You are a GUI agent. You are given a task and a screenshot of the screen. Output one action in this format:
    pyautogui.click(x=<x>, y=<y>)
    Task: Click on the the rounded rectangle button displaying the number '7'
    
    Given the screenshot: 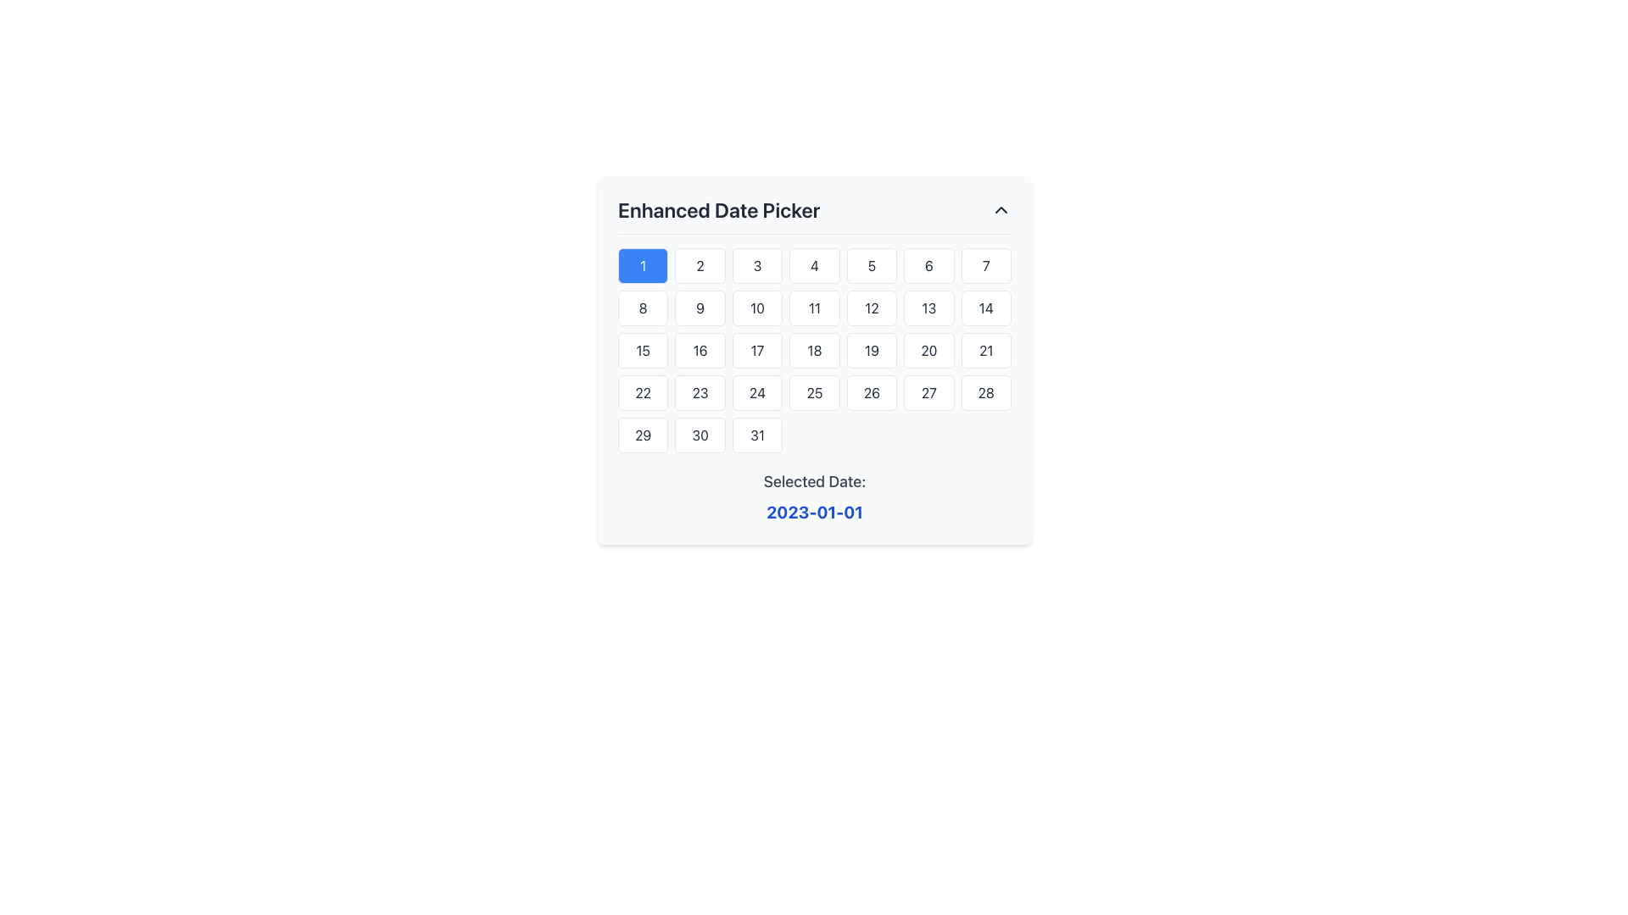 What is the action you would take?
    pyautogui.click(x=986, y=265)
    